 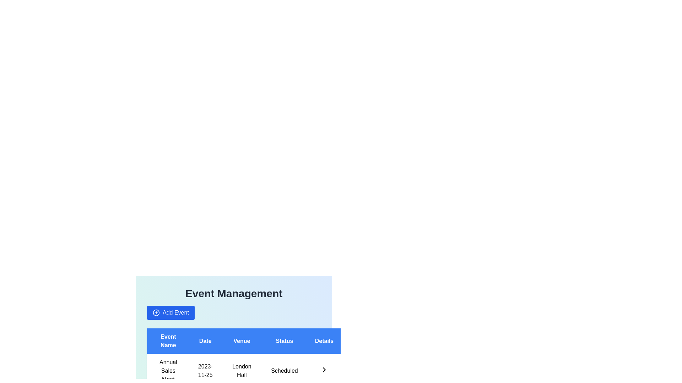 I want to click on the bold-styled header with the text 'Event Management', which is prominently positioned above the 'Add Event' button, so click(x=234, y=294).